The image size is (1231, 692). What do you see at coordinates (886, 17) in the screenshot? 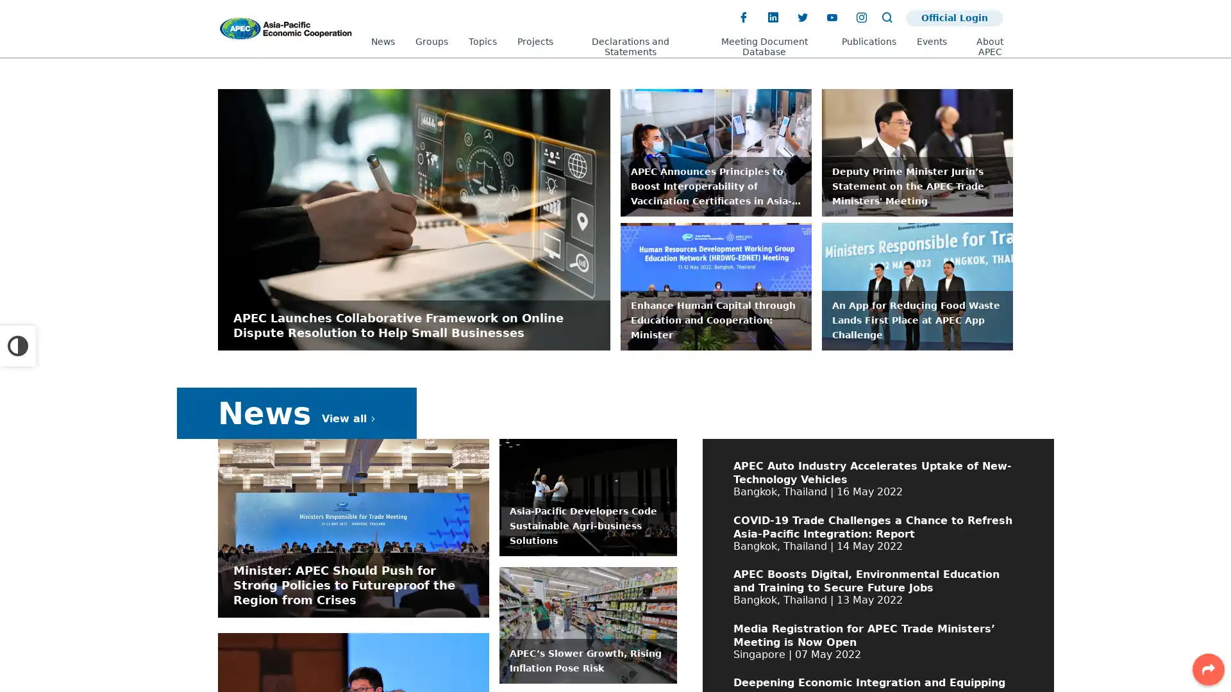
I see `Toggle search` at bounding box center [886, 17].